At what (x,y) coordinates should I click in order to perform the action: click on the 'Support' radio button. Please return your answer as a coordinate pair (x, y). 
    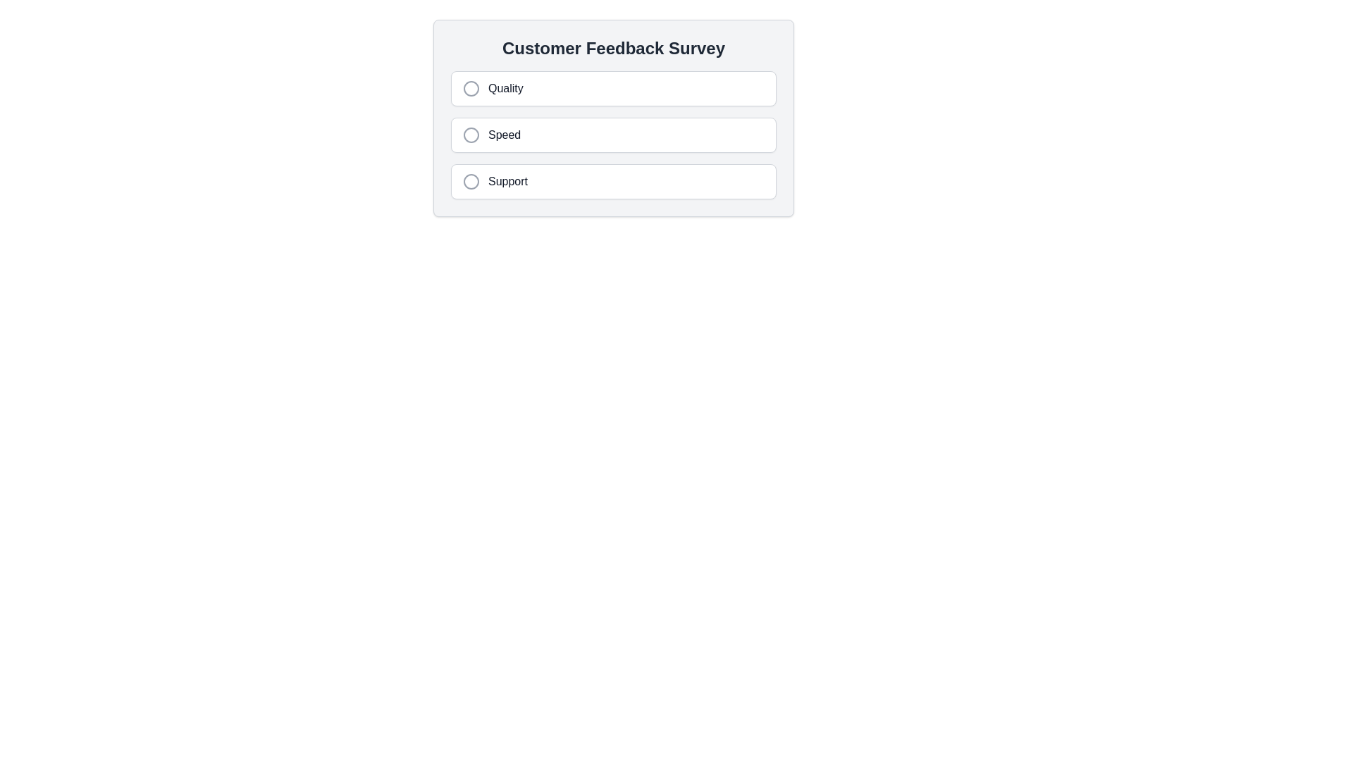
    Looking at the image, I should click on (613, 181).